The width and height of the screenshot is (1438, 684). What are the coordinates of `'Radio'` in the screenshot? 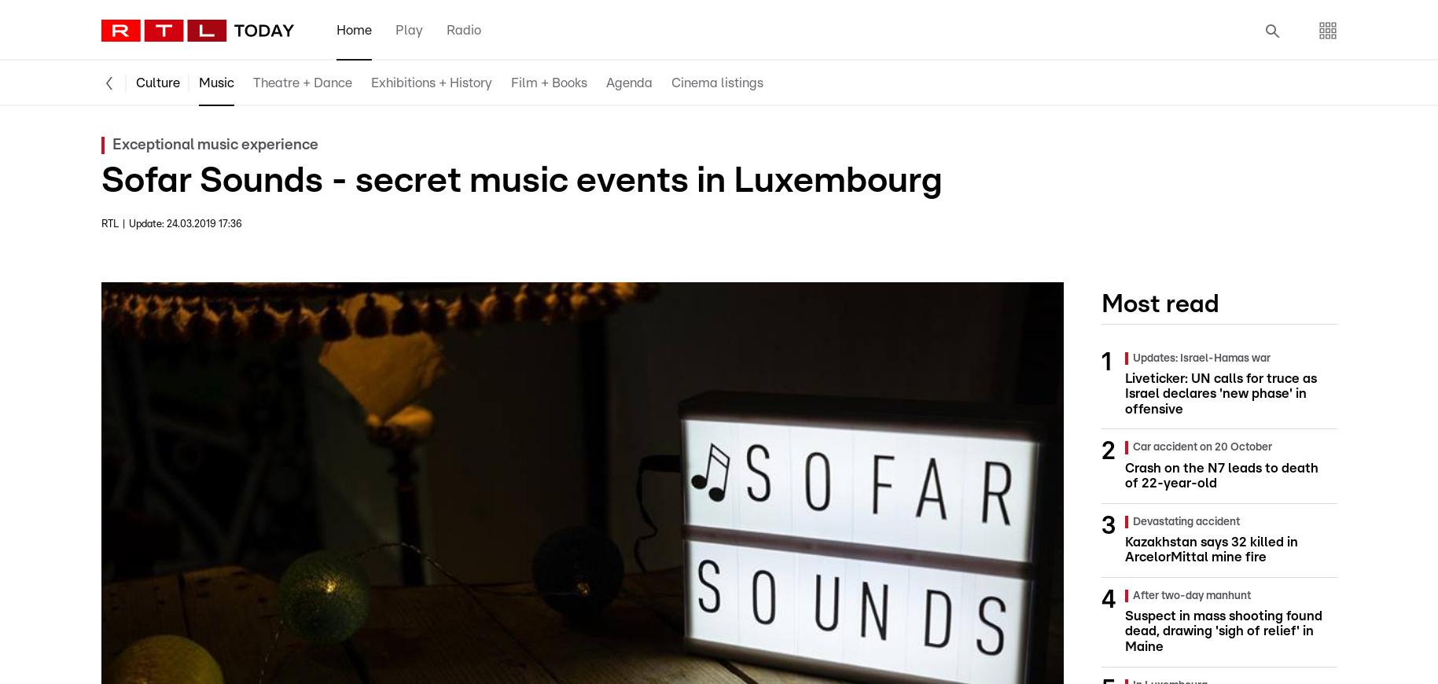 It's located at (462, 28).